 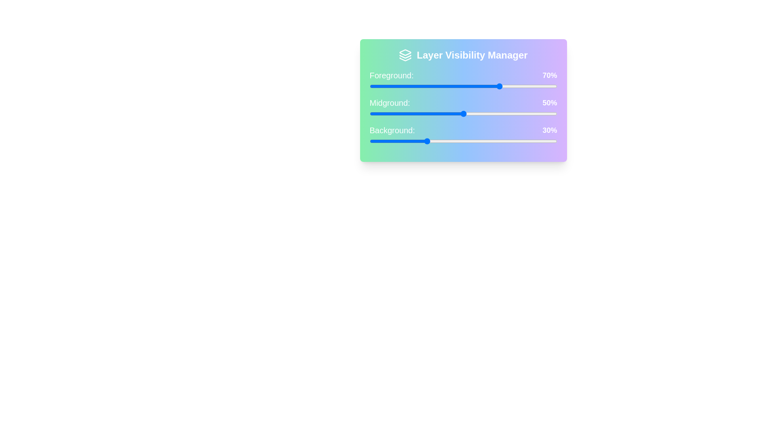 What do you see at coordinates (439, 113) in the screenshot?
I see `the Midground slider to 37%` at bounding box center [439, 113].